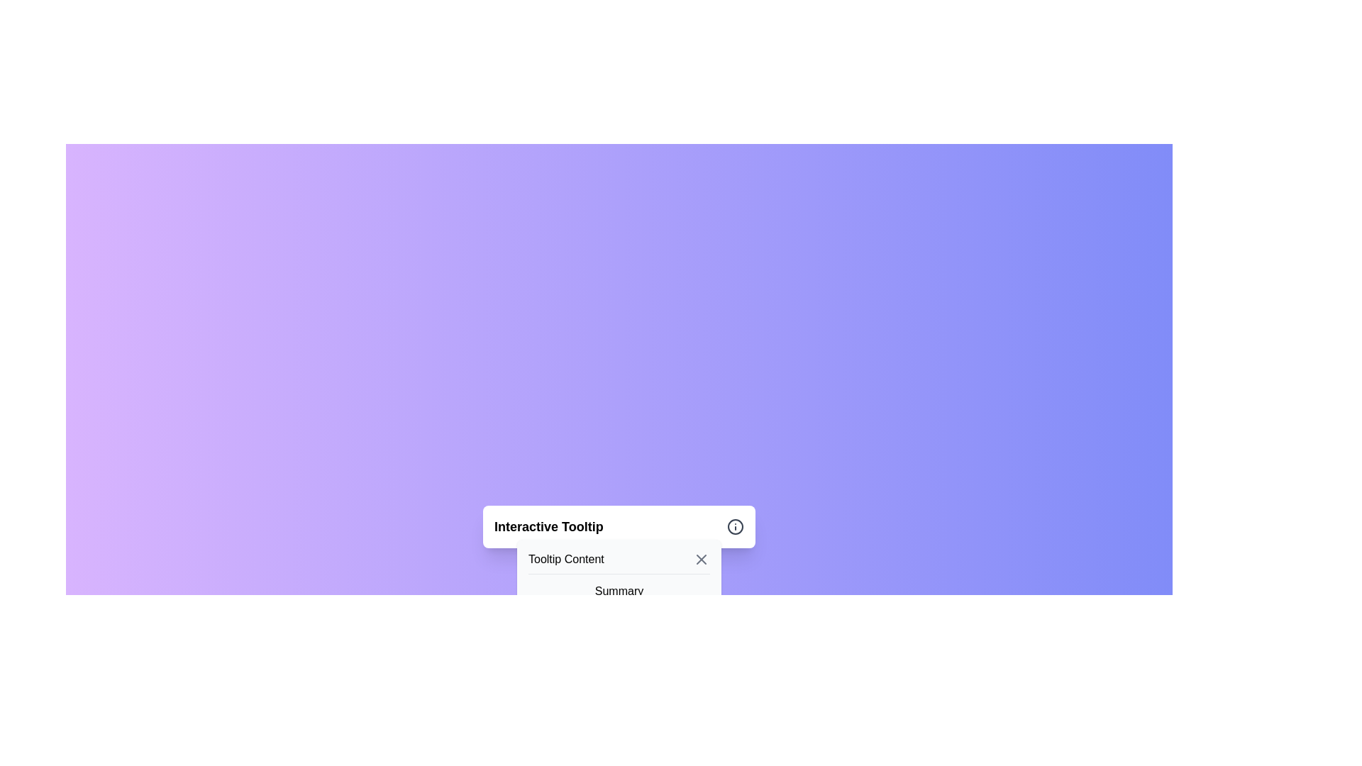 This screenshot has width=1362, height=766. What do you see at coordinates (735, 527) in the screenshot?
I see `the information tooltip icon, which is a small circular icon located to the right of the 'Interactive Tooltip' text` at bounding box center [735, 527].